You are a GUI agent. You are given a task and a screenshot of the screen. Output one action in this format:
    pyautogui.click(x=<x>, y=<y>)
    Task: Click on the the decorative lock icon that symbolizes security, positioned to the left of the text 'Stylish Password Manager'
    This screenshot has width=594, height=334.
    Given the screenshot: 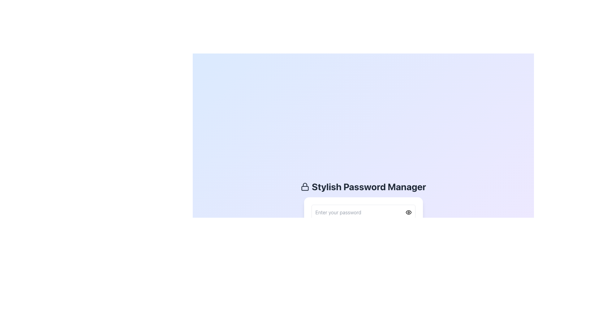 What is the action you would take?
    pyautogui.click(x=305, y=186)
    